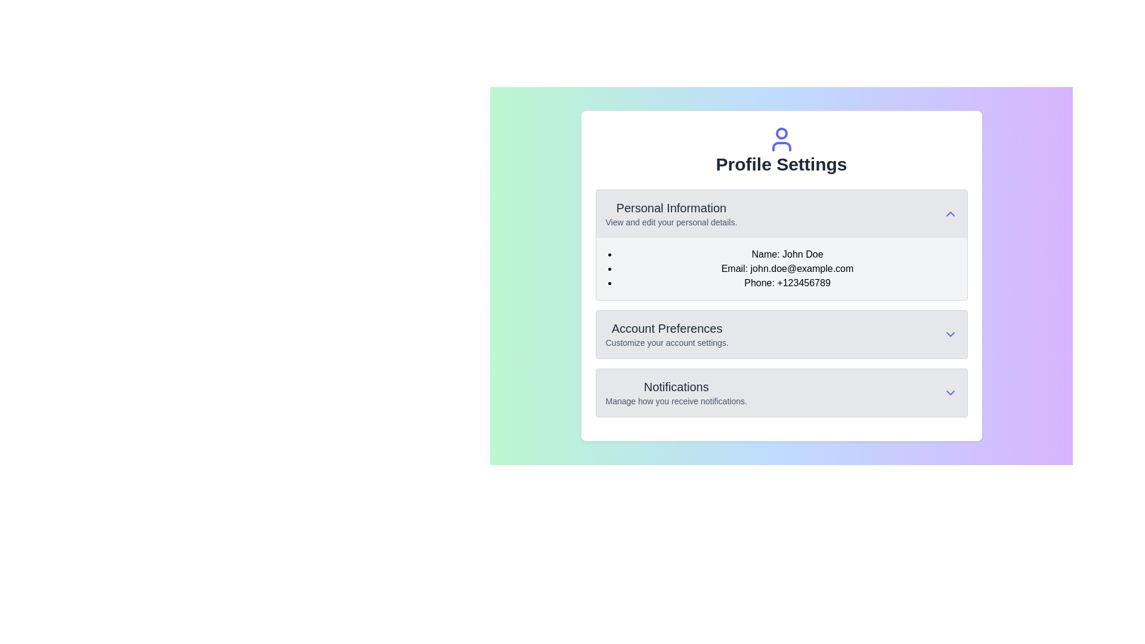 This screenshot has height=644, width=1145. Describe the element at coordinates (676, 393) in the screenshot. I see `the 'Notifications' section heading in the Profile Settings` at that location.